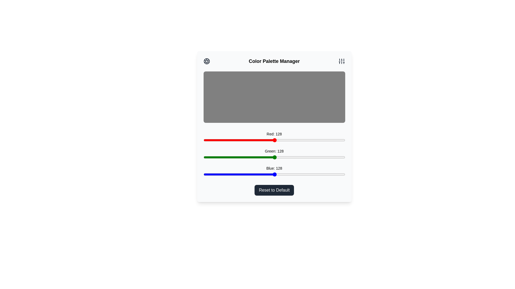  Describe the element at coordinates (313, 174) in the screenshot. I see `the blue slider to set the blue intensity to 198` at that location.